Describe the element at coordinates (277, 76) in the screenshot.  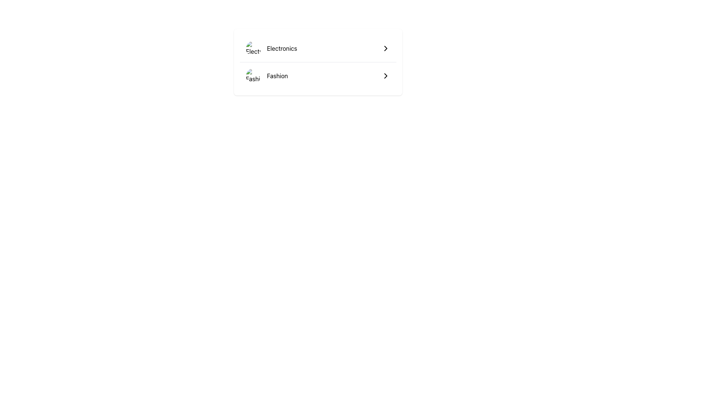
I see `the text label that serves as a category name in the vertical list menu, positioned as the second item next to an icon` at that location.